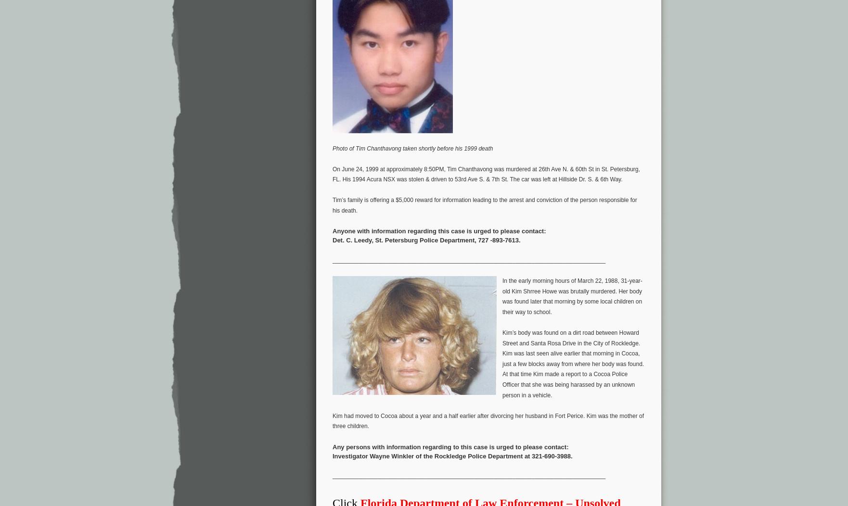 The image size is (848, 506). Describe the element at coordinates (488, 420) in the screenshot. I see `'Kim had moved to Cocoa about a year and a half earlier after divorcing her husband in Fort Perice. Kim was the mother of three children.'` at that location.